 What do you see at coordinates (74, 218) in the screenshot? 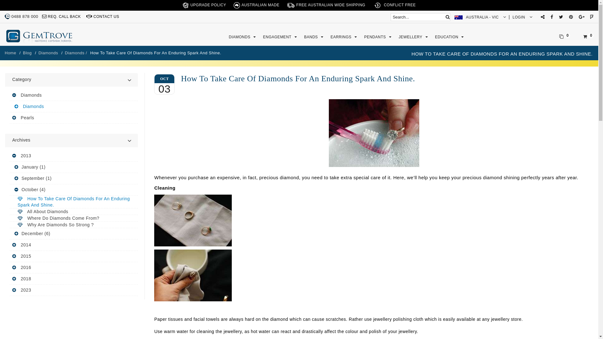
I see `'Where Do Diamonds Come From?'` at bounding box center [74, 218].